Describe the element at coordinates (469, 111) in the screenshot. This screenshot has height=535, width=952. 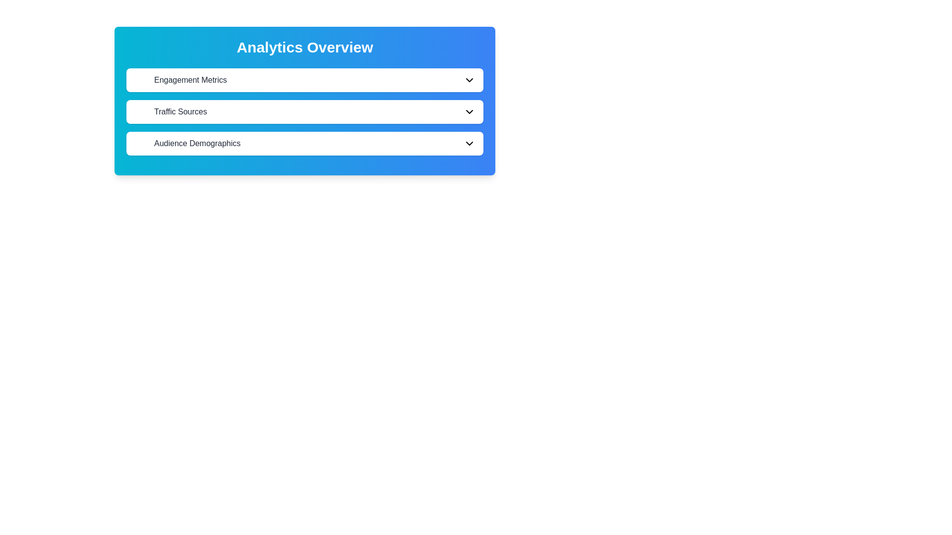
I see `the Dropdown chevron icon located in the 'Traffic Sources' section` at that location.